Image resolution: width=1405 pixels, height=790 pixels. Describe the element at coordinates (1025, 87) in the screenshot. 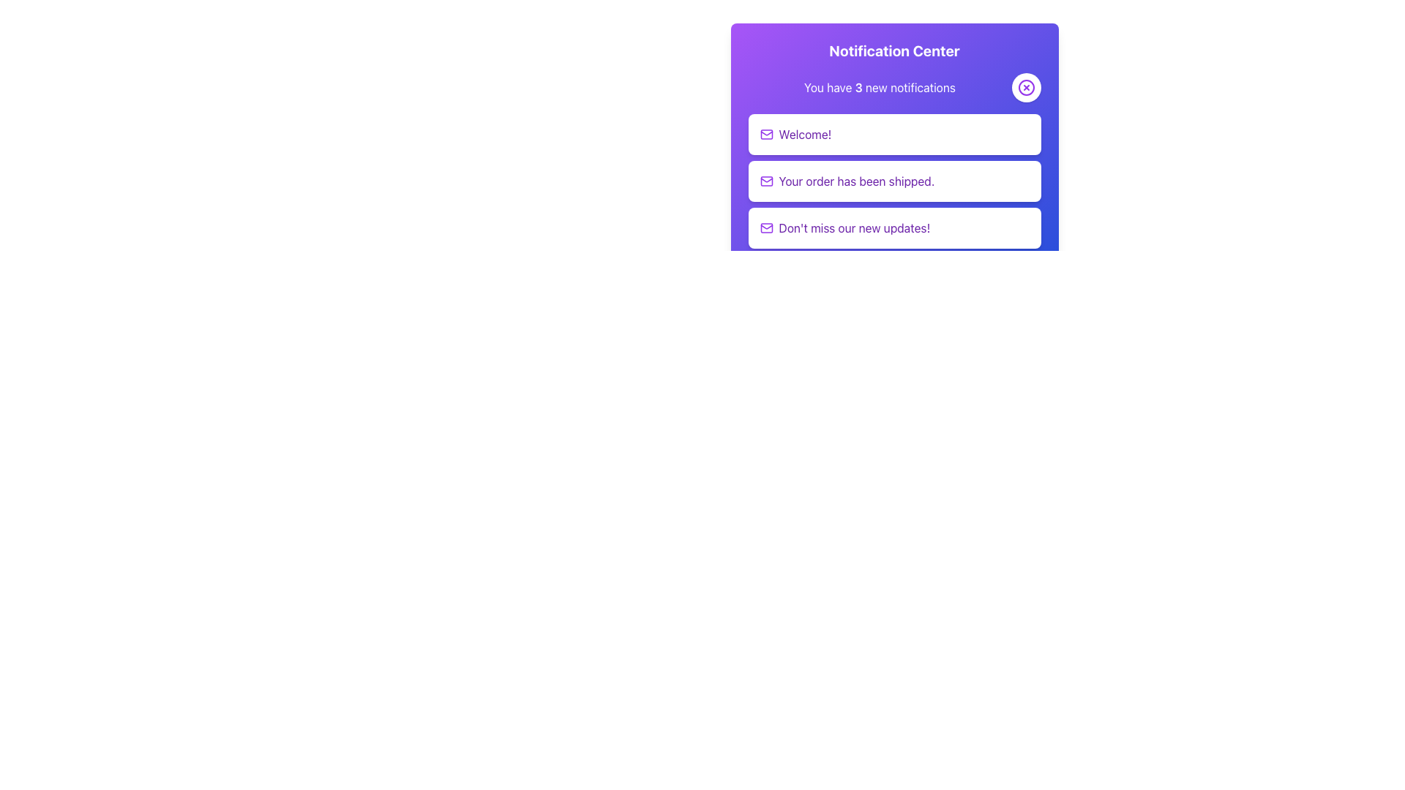

I see `the circular button with a cross icon and purple border located` at that location.